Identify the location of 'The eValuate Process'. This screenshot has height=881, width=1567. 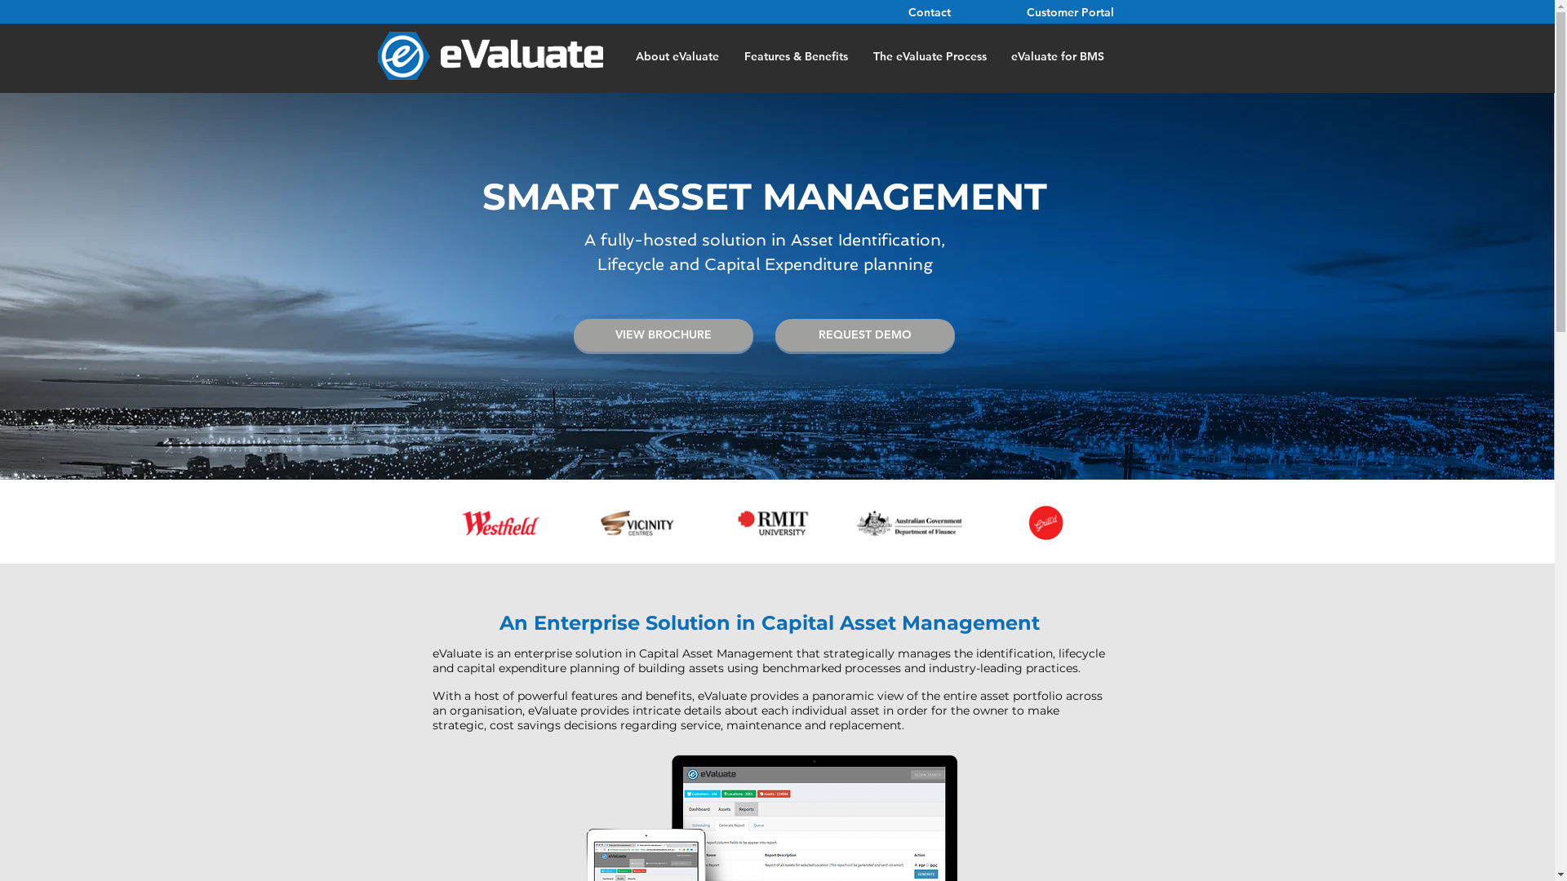
(929, 54).